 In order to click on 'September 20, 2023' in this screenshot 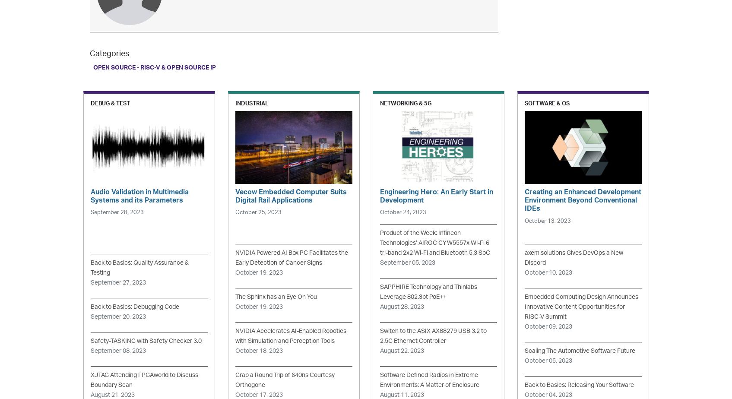, I will do `click(118, 317)`.